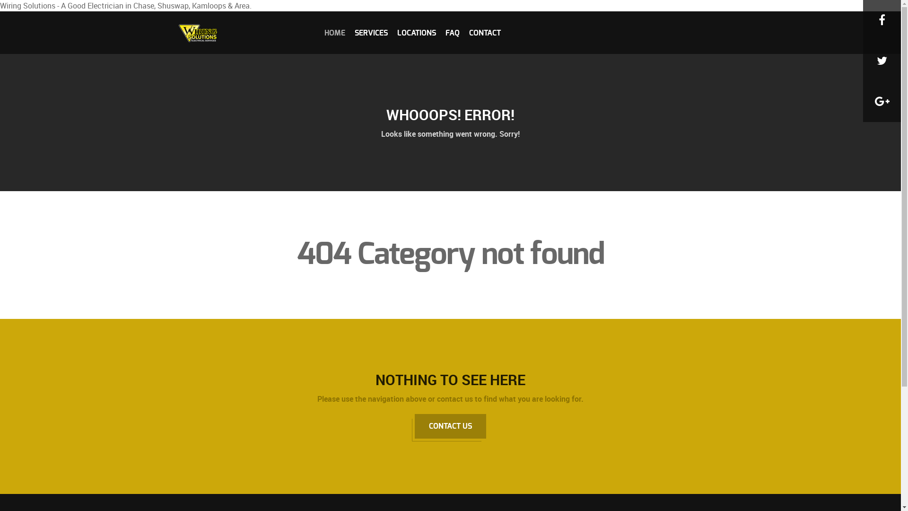  What do you see at coordinates (450, 379) in the screenshot?
I see `'NOTHING TO SEE HERE'` at bounding box center [450, 379].